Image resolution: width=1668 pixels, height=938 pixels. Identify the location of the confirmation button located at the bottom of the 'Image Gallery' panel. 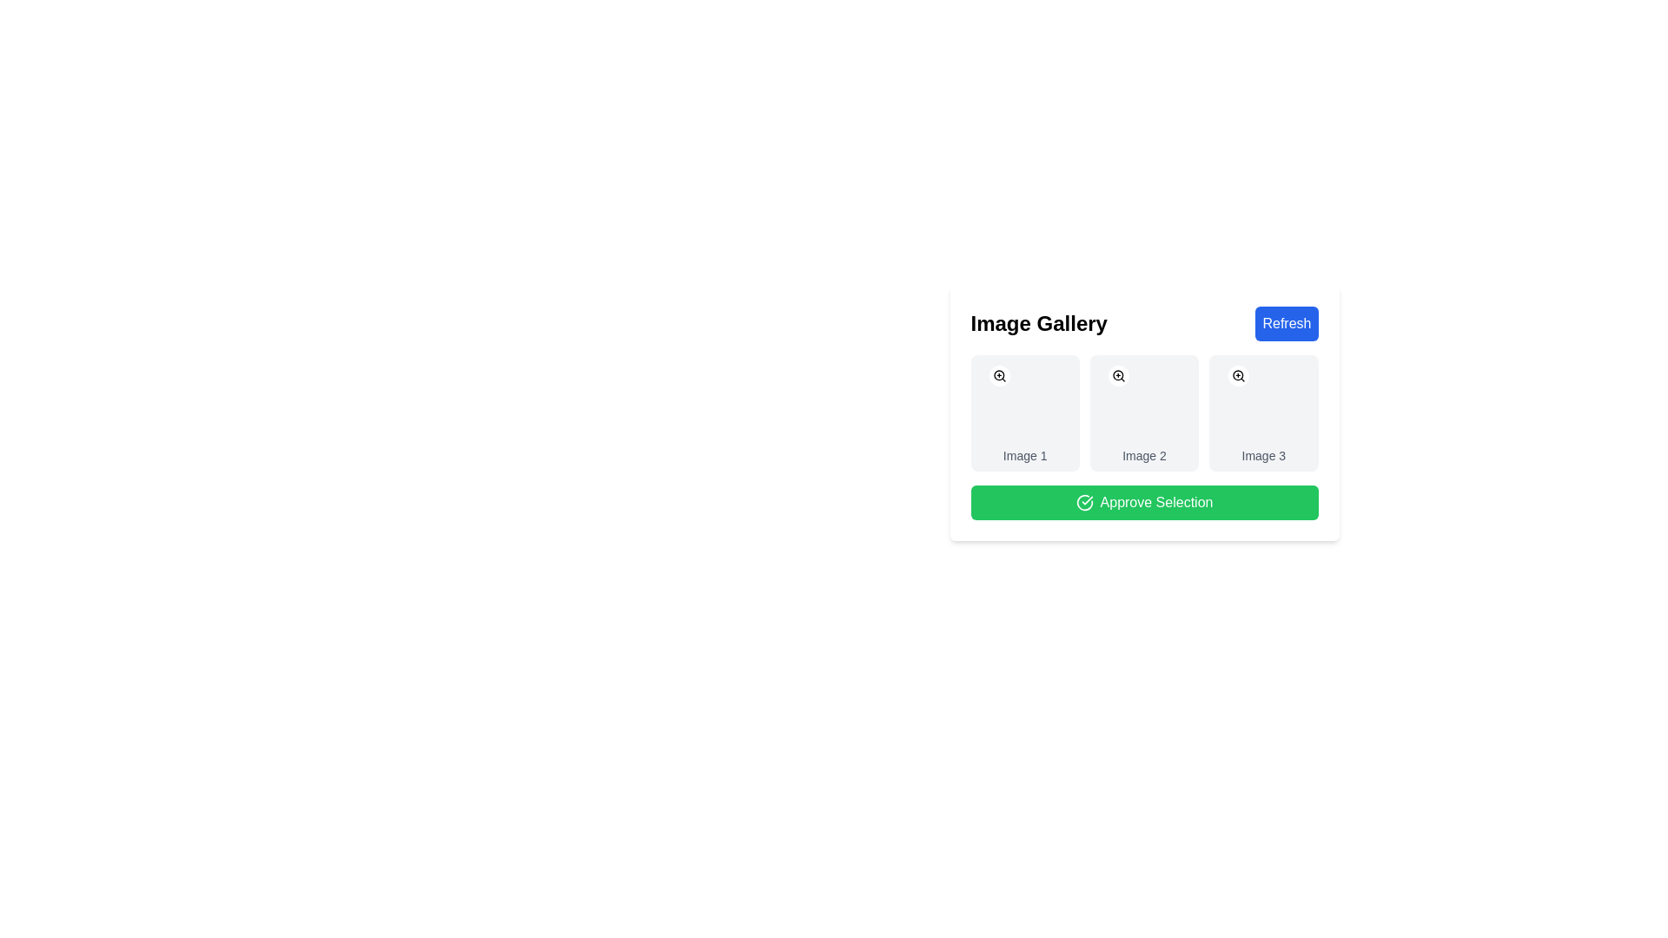
(1144, 502).